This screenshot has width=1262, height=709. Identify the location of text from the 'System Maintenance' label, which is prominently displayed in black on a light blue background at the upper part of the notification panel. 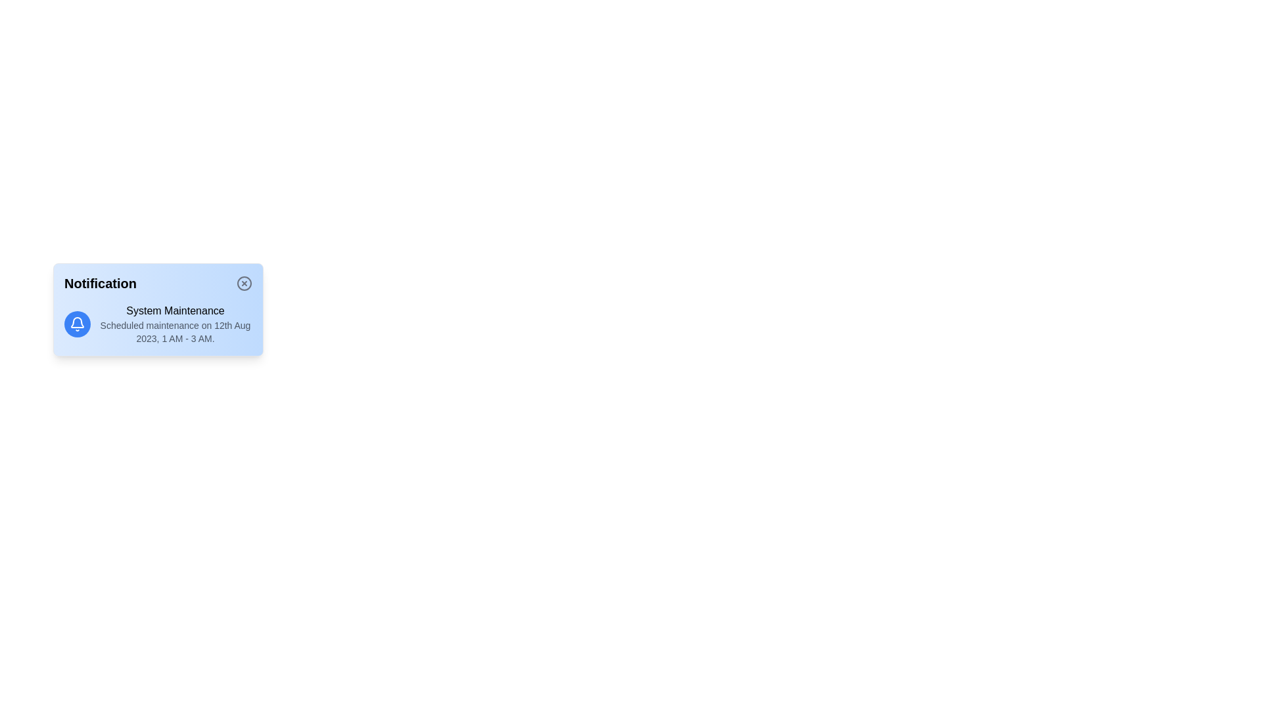
(175, 311).